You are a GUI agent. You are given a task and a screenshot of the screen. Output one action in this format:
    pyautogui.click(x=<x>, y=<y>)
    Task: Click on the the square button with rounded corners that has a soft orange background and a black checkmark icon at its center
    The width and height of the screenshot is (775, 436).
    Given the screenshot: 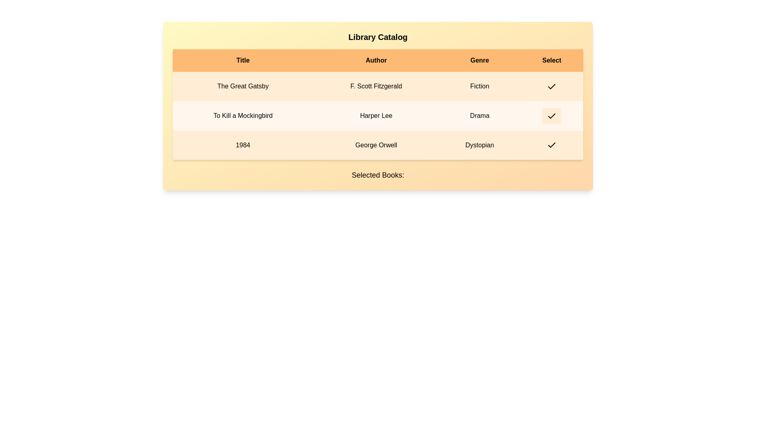 What is the action you would take?
    pyautogui.click(x=551, y=86)
    